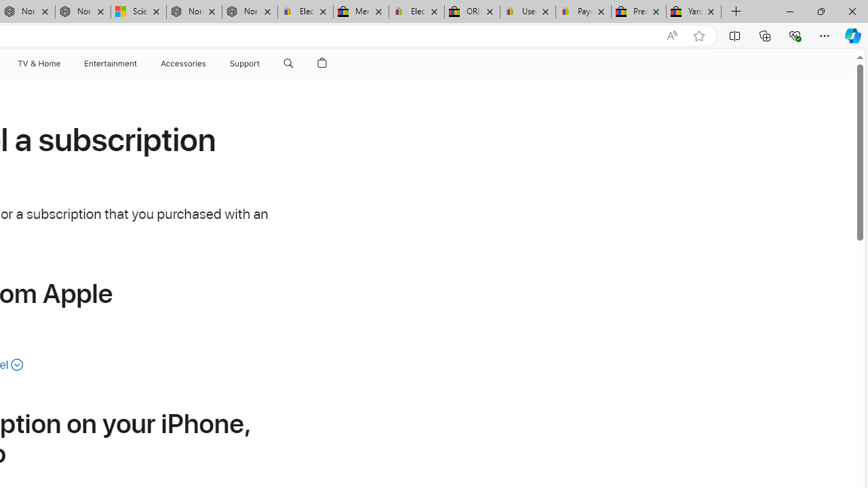 The height and width of the screenshot is (488, 868). I want to click on 'Press Room - eBay Inc.', so click(638, 12).